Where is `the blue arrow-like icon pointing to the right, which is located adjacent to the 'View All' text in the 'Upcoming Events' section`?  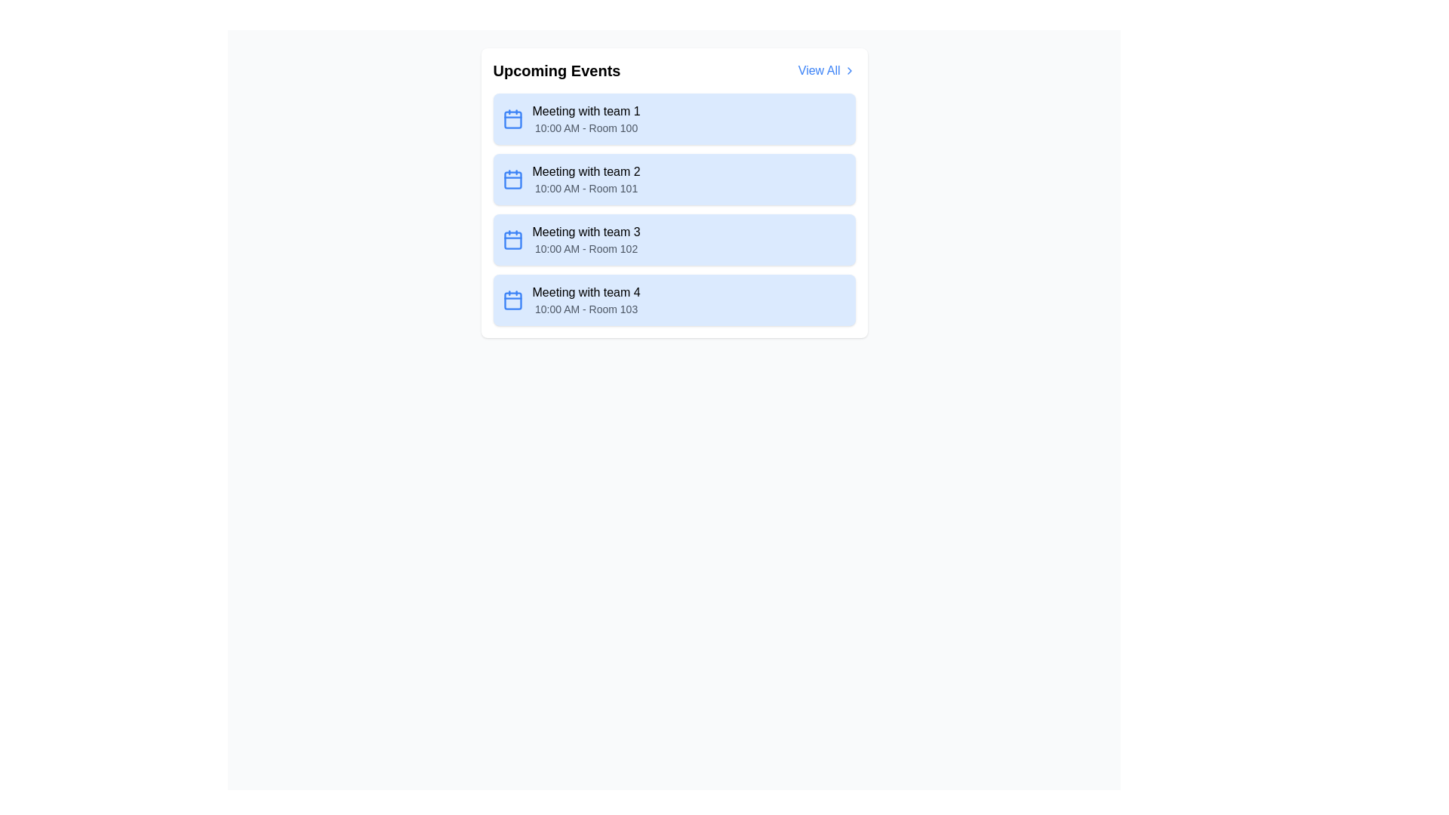
the blue arrow-like icon pointing to the right, which is located adjacent to the 'View All' text in the 'Upcoming Events' section is located at coordinates (849, 70).